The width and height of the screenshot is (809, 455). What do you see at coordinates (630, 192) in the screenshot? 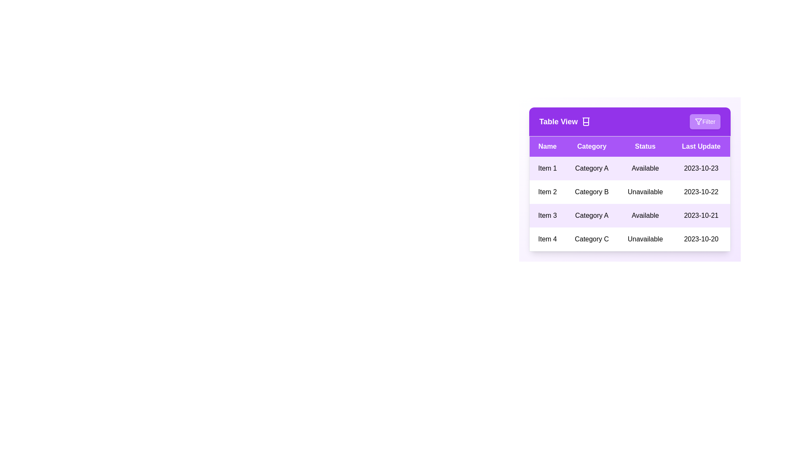
I see `the row corresponding to 2` at bounding box center [630, 192].